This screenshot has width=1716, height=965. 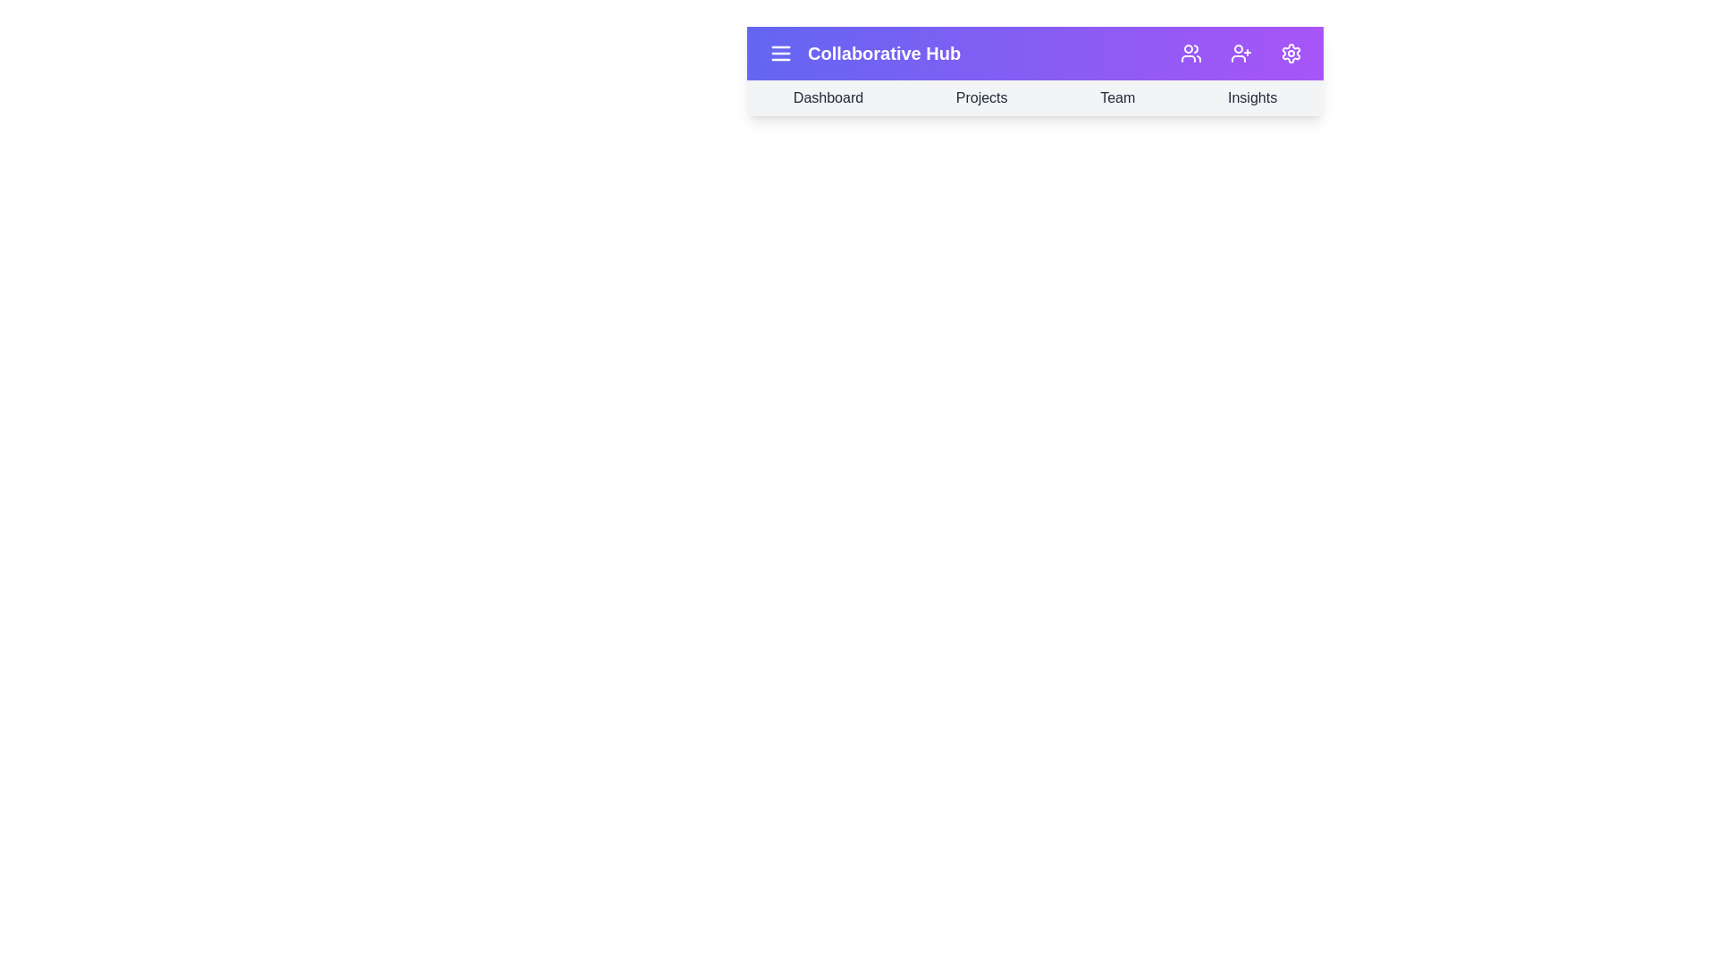 What do you see at coordinates (1240, 53) in the screenshot?
I see `the Add User button in the CollaborativeAppBar` at bounding box center [1240, 53].